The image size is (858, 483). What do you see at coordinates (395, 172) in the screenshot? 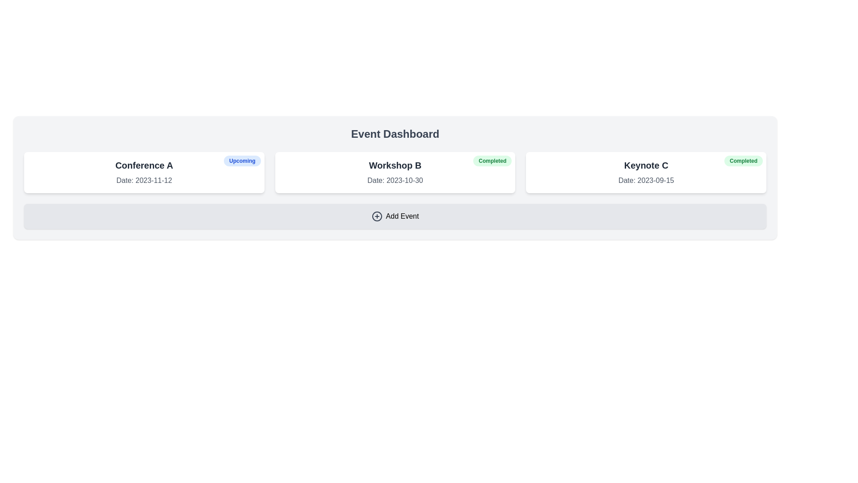
I see `the second card component titled 'Workshop B' with a 'Completed' status in the top-right corner` at bounding box center [395, 172].